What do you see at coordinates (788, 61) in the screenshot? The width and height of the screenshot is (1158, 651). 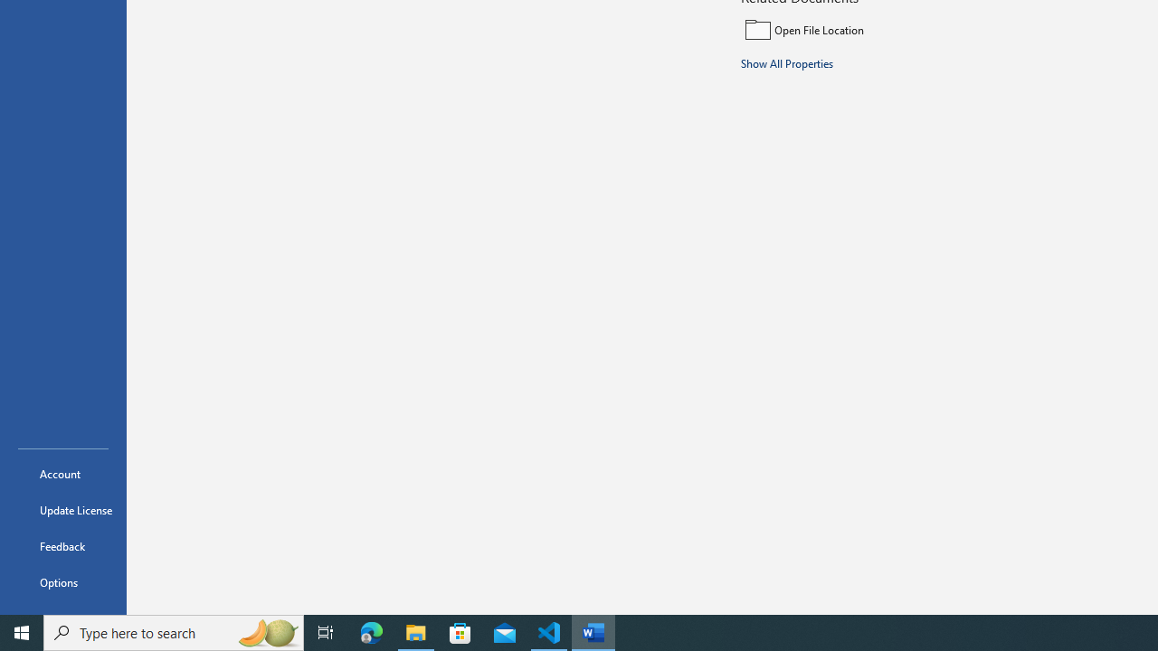 I see `'Show All Properties'` at bounding box center [788, 61].